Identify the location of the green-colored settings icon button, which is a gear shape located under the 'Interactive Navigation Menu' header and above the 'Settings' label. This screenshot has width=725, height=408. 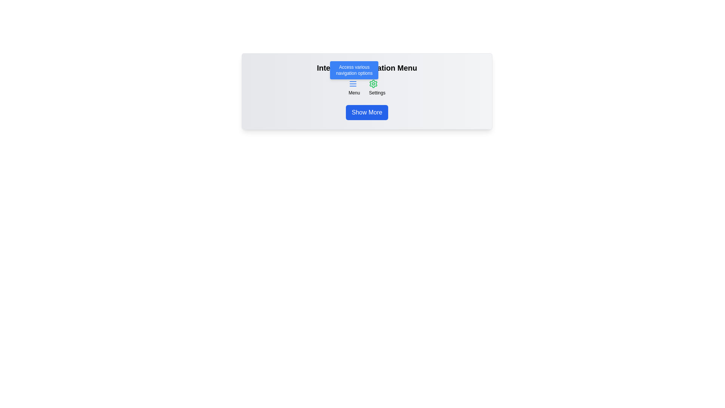
(373, 84).